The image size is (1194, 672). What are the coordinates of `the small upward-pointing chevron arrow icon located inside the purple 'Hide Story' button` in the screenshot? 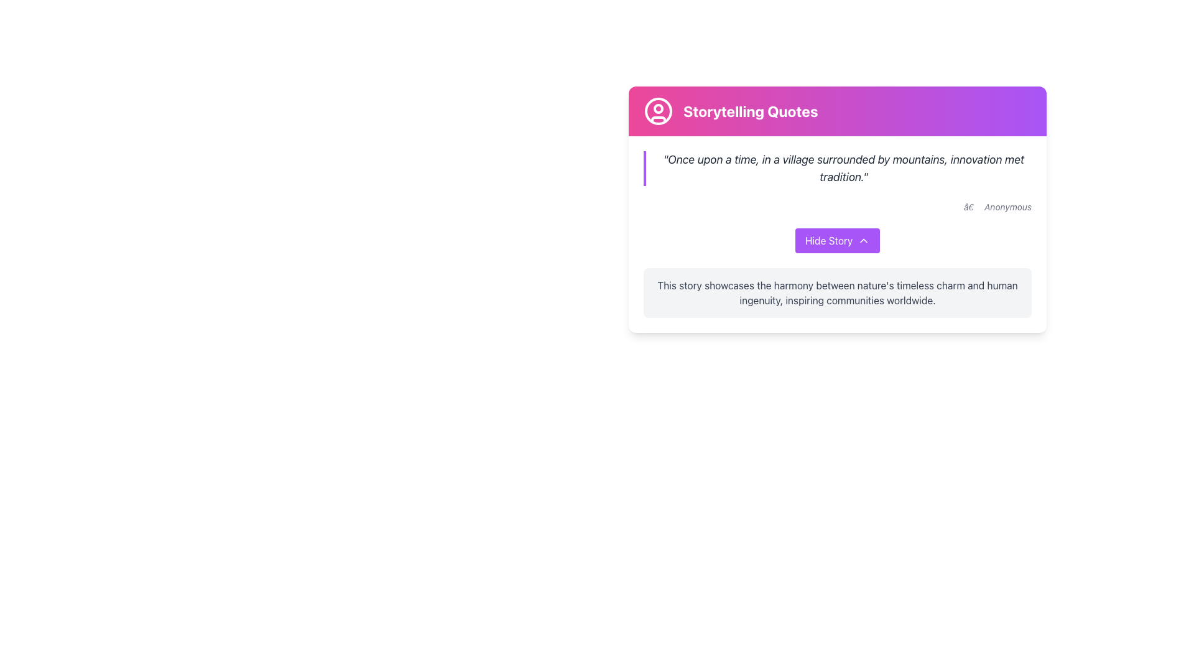 It's located at (863, 240).